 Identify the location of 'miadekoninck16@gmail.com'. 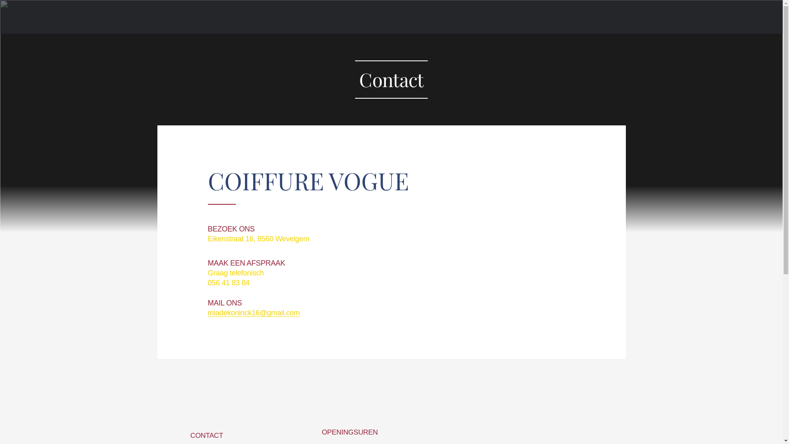
(253, 312).